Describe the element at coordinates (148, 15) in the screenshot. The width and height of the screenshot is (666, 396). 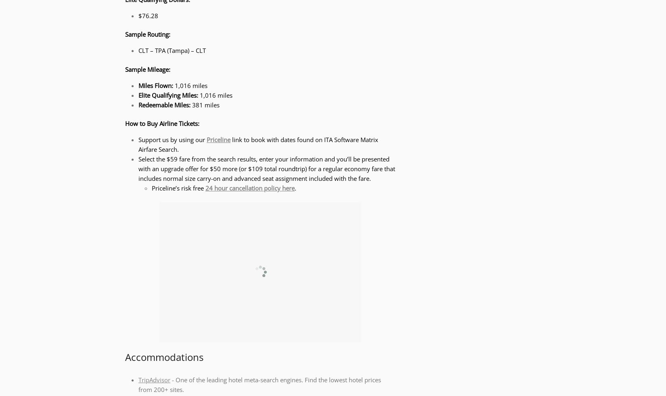
I see `'$76.28'` at that location.